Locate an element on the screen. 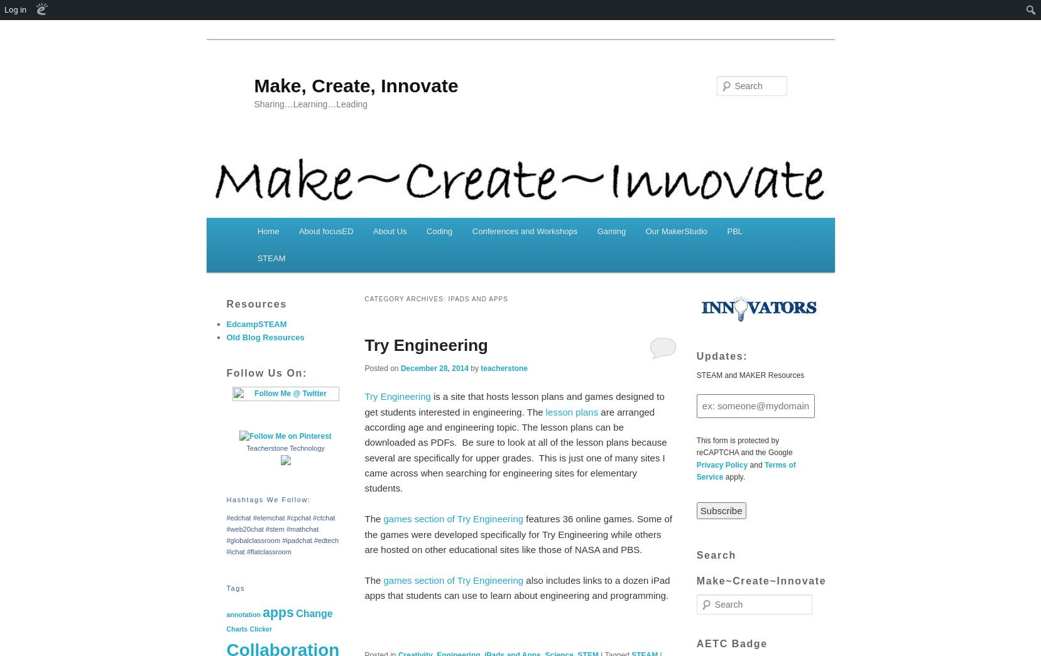 This screenshot has height=656, width=1041. 'Resources' is located at coordinates (255, 303).